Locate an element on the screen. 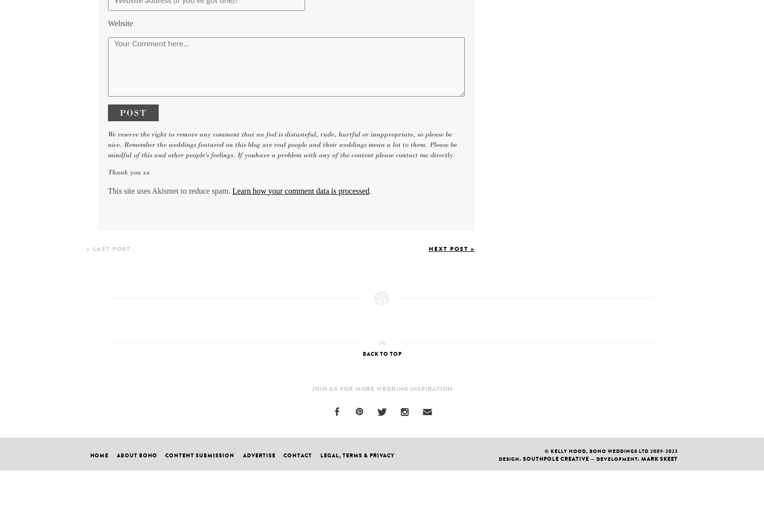  'Content Submission' is located at coordinates (200, 454).